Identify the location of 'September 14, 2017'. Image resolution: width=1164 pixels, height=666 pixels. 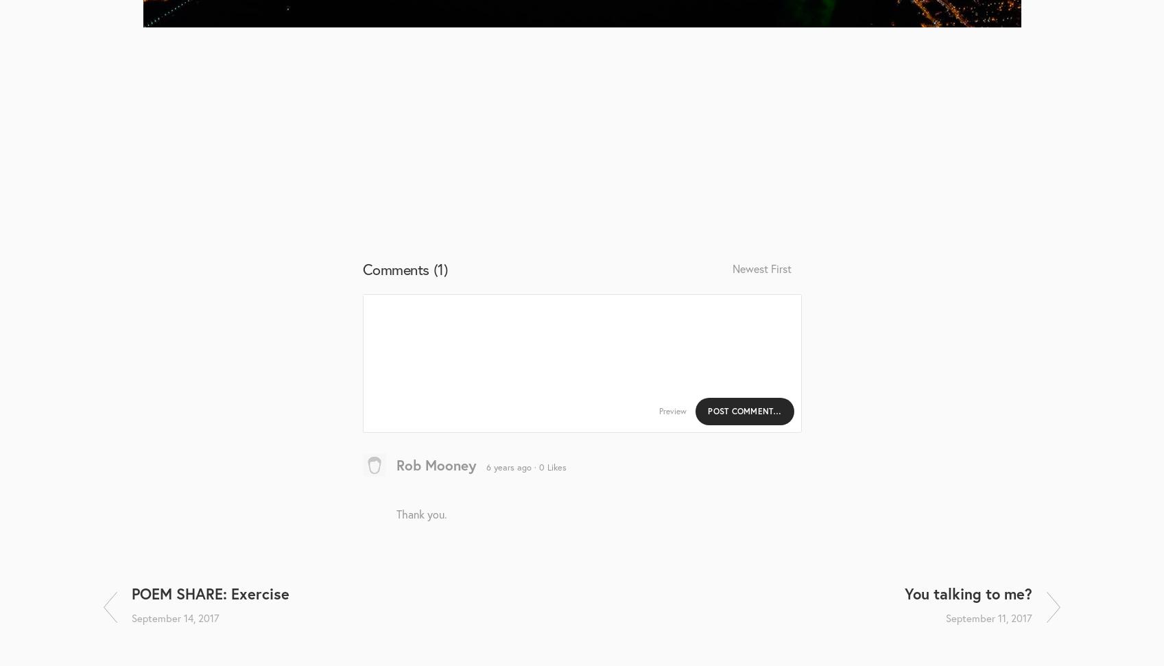
(175, 617).